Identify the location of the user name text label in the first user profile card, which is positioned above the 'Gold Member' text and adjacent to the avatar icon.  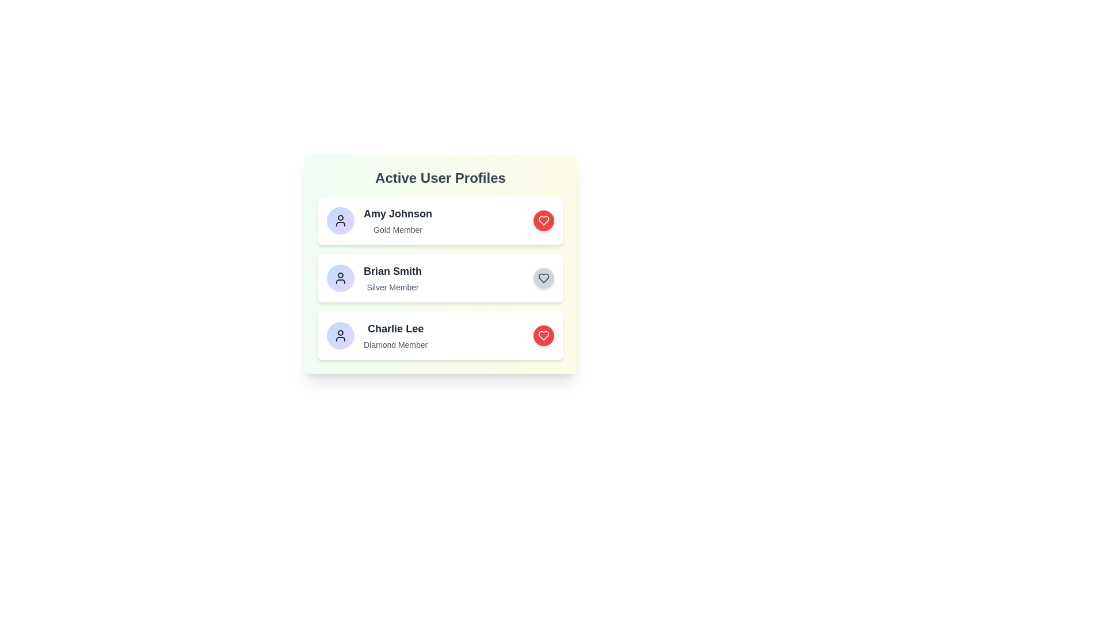
(398, 213).